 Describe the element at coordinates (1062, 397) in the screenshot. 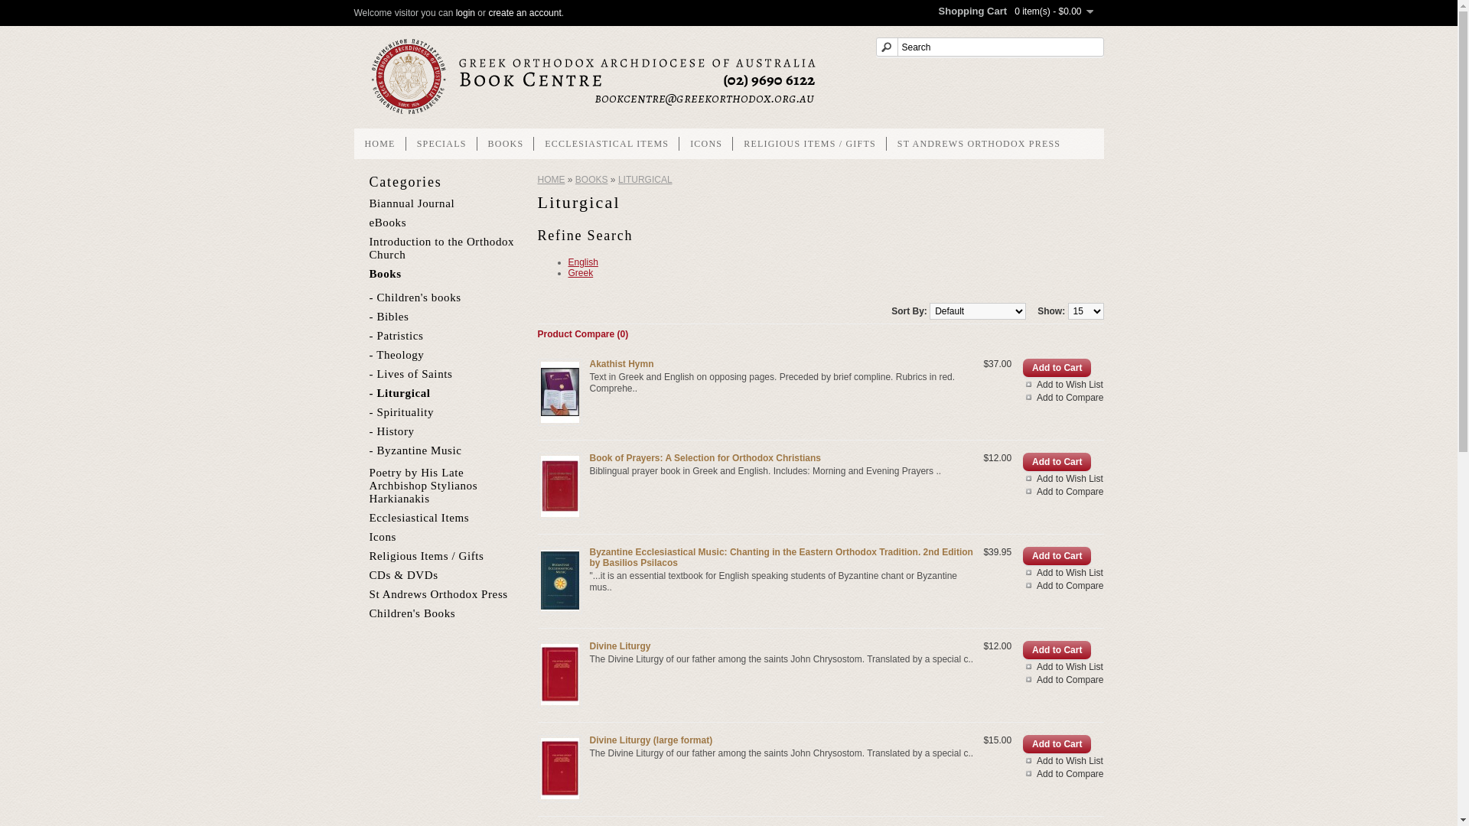

I see `'Add to Compare'` at that location.